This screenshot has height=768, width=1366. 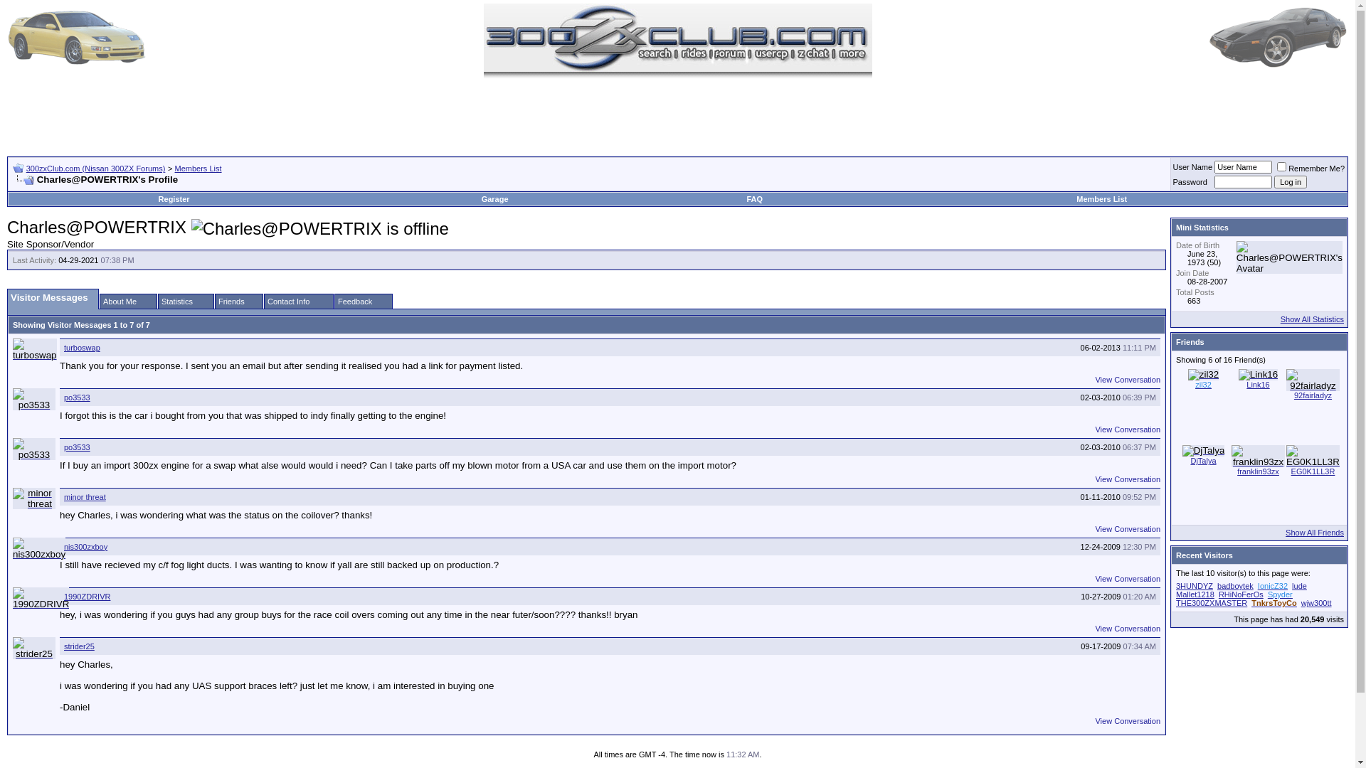 I want to click on 'wjw300tt', so click(x=1301, y=603).